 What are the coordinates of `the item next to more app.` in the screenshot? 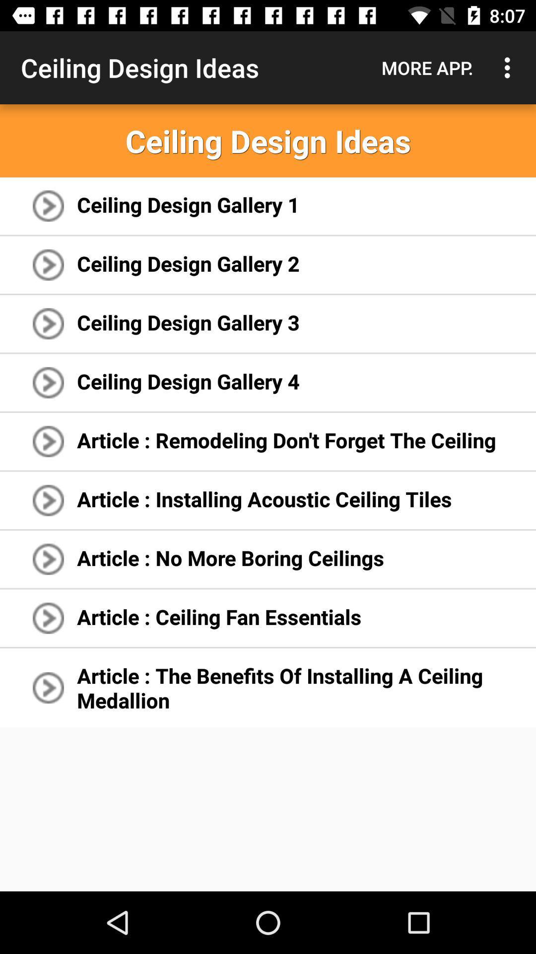 It's located at (510, 67).